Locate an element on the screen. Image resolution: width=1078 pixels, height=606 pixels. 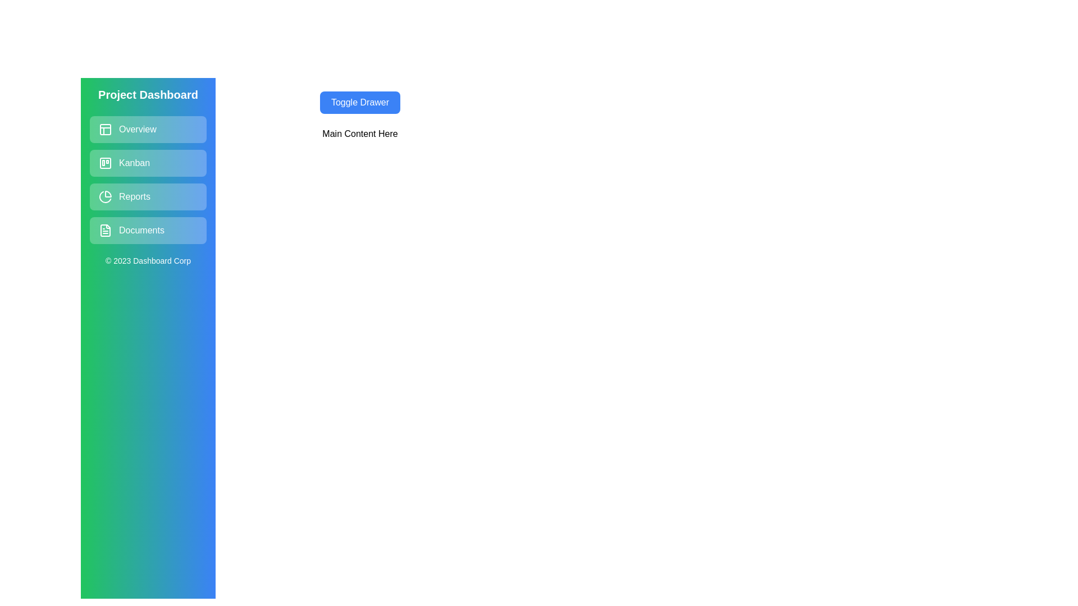
the navigation item Reports in the drawer is located at coordinates (148, 196).